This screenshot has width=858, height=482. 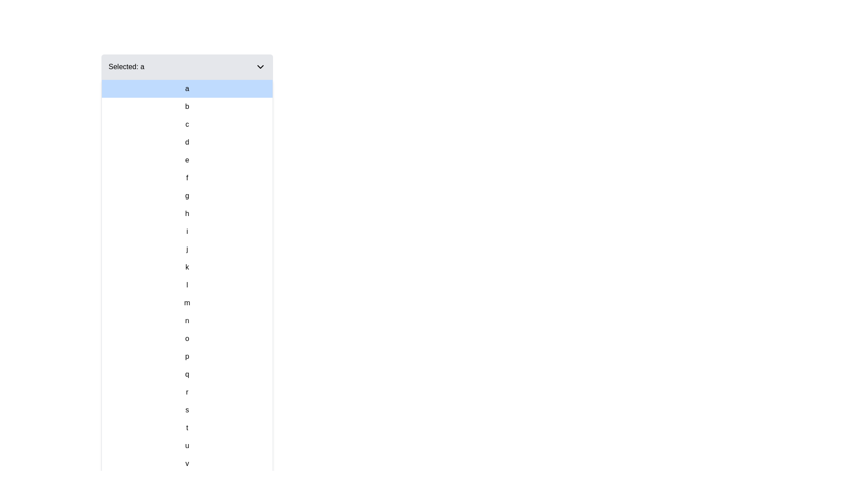 What do you see at coordinates (186, 339) in the screenshot?
I see `the lowercase letter 'o' which is the fifteenth item in a vertical list of characters, positioned between 'n' and 'p'` at bounding box center [186, 339].